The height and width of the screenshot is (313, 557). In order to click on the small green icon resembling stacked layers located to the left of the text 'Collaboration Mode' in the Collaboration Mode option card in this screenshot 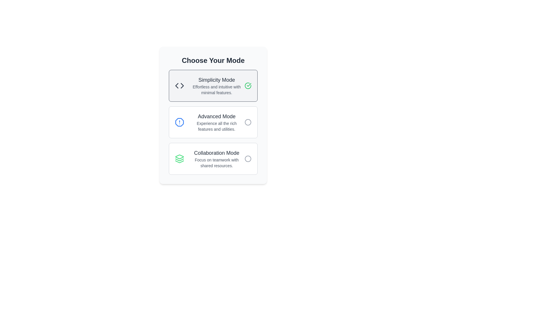, I will do `click(179, 159)`.